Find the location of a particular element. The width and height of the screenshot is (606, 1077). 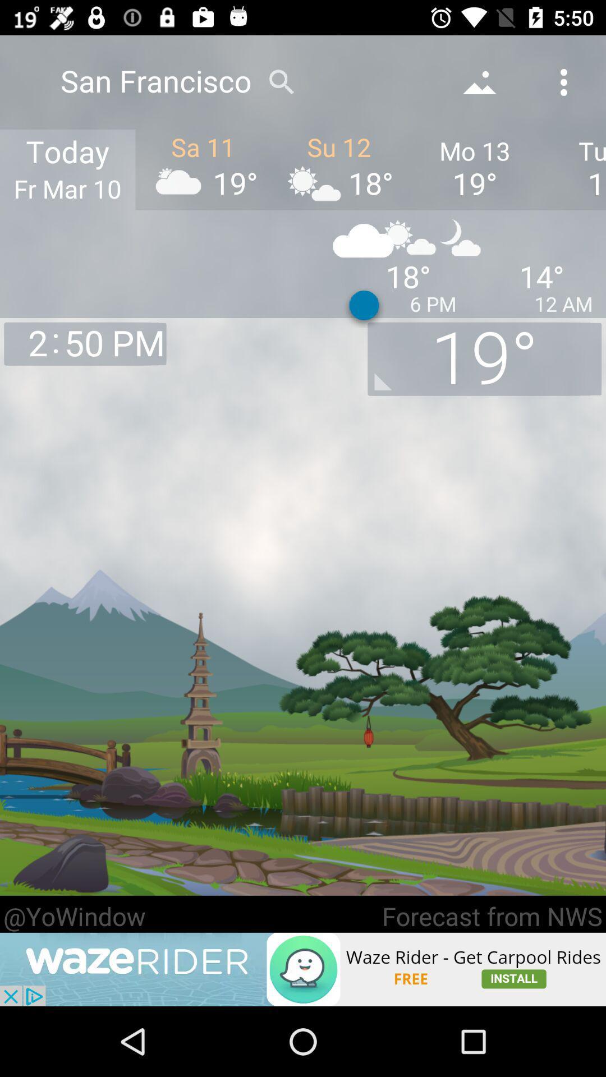

advertisement option is located at coordinates (303, 969).